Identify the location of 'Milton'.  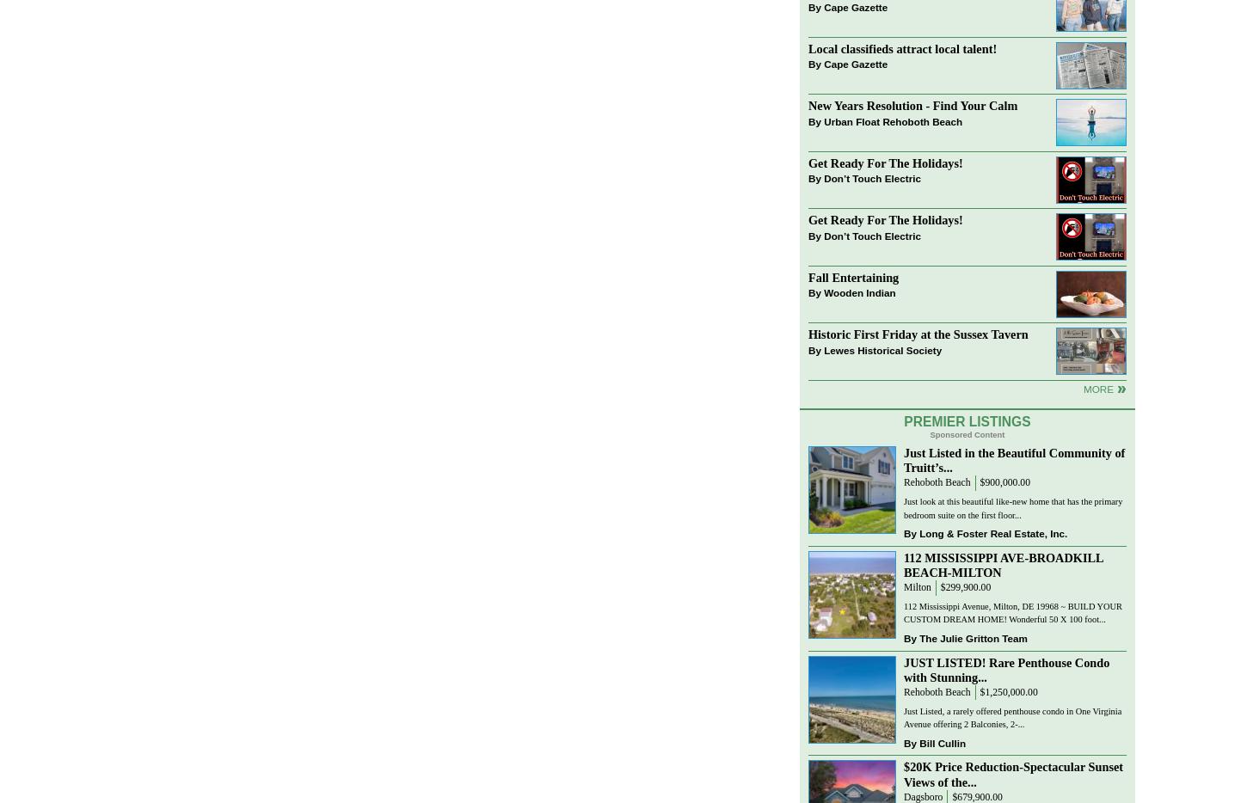
(917, 586).